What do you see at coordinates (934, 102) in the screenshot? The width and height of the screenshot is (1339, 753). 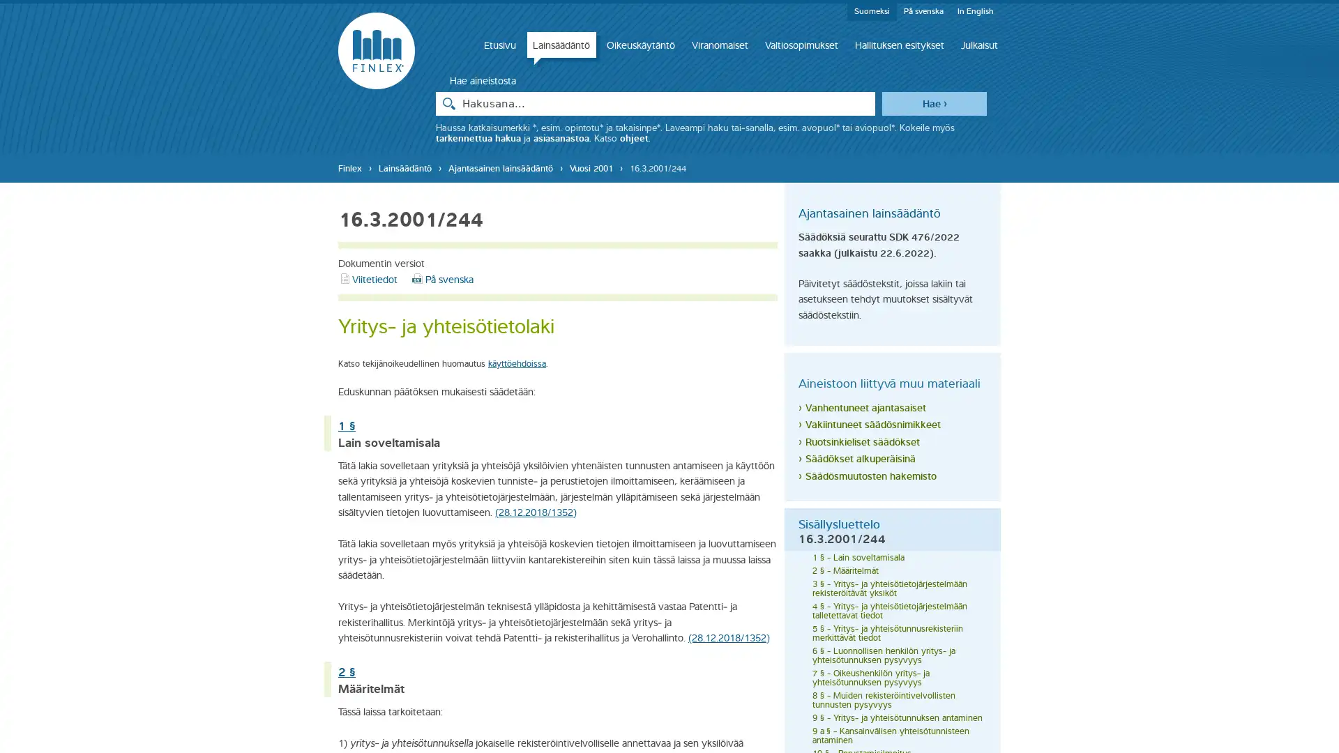 I see `Hae` at bounding box center [934, 102].